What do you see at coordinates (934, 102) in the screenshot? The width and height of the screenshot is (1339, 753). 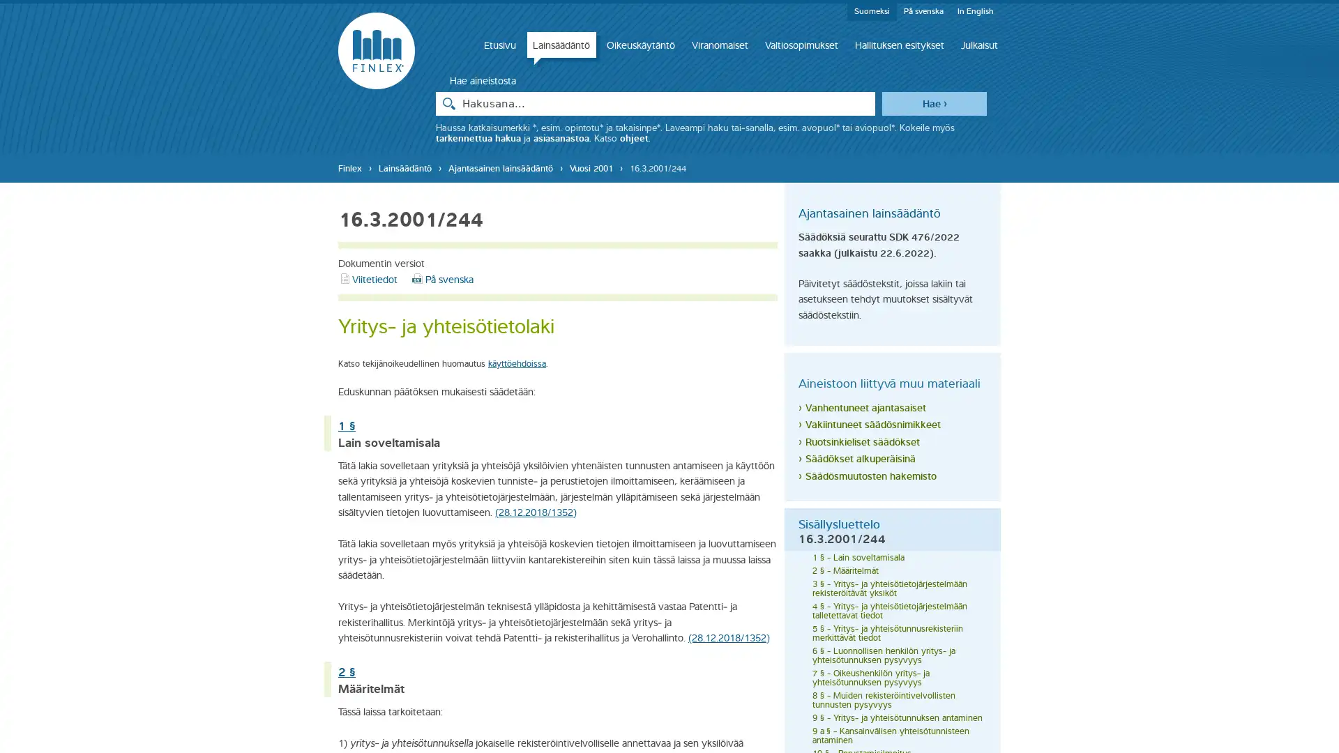 I see `Hae` at bounding box center [934, 102].